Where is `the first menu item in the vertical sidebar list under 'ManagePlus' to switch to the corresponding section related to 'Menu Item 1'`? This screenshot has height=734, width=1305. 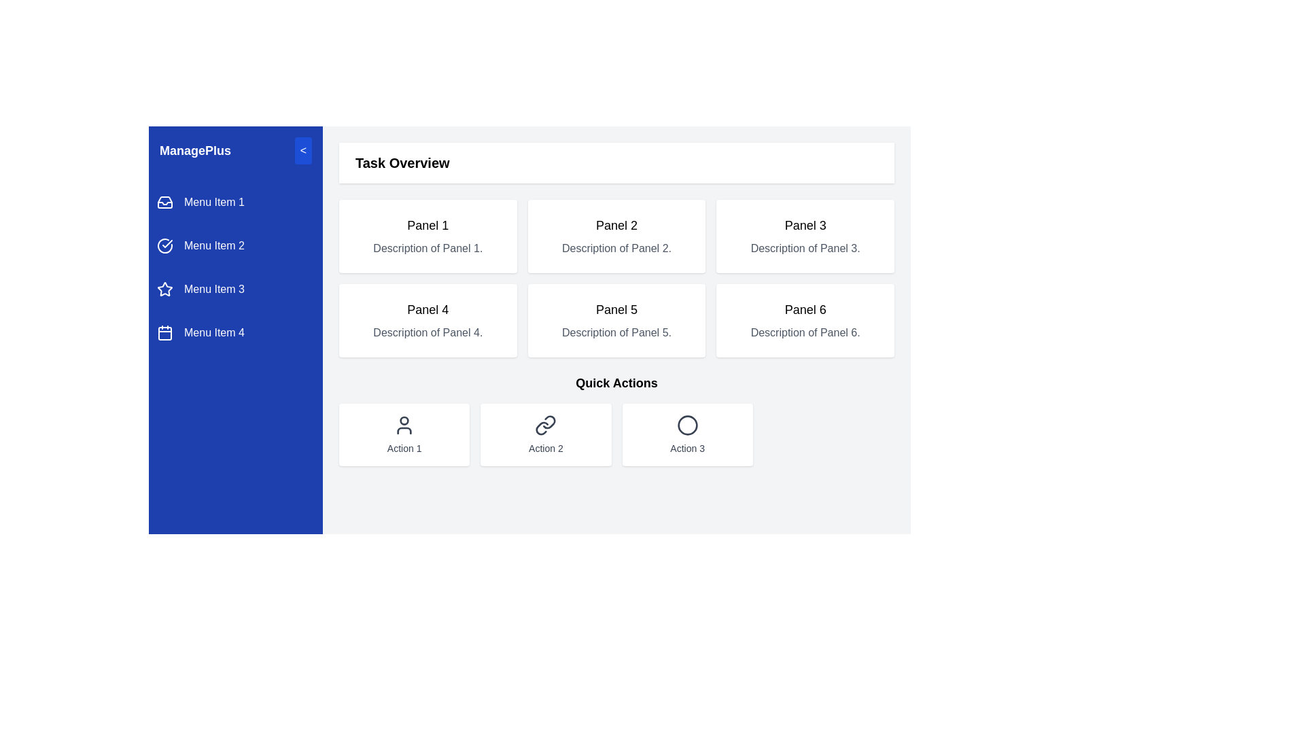
the first menu item in the vertical sidebar list under 'ManagePlus' to switch to the corresponding section related to 'Menu Item 1' is located at coordinates (235, 202).